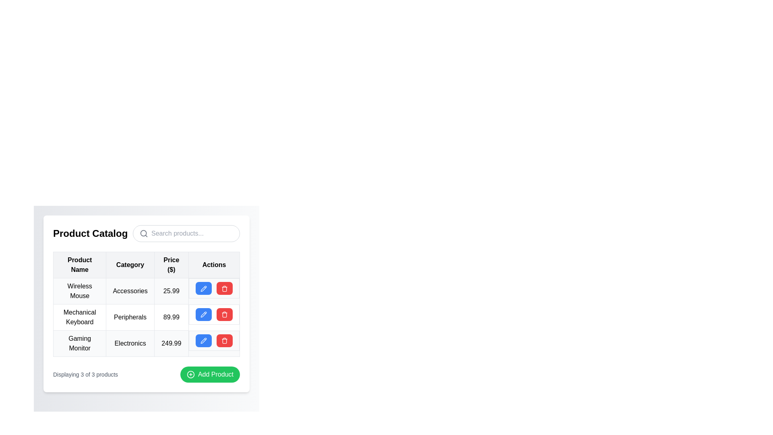 The width and height of the screenshot is (773, 435). What do you see at coordinates (203, 314) in the screenshot?
I see `the pencil icon embedded within the blue button in the Actions column of the second row, corresponding to the 'Mechanical Keyboard' product entry, to initiate the edit action` at bounding box center [203, 314].